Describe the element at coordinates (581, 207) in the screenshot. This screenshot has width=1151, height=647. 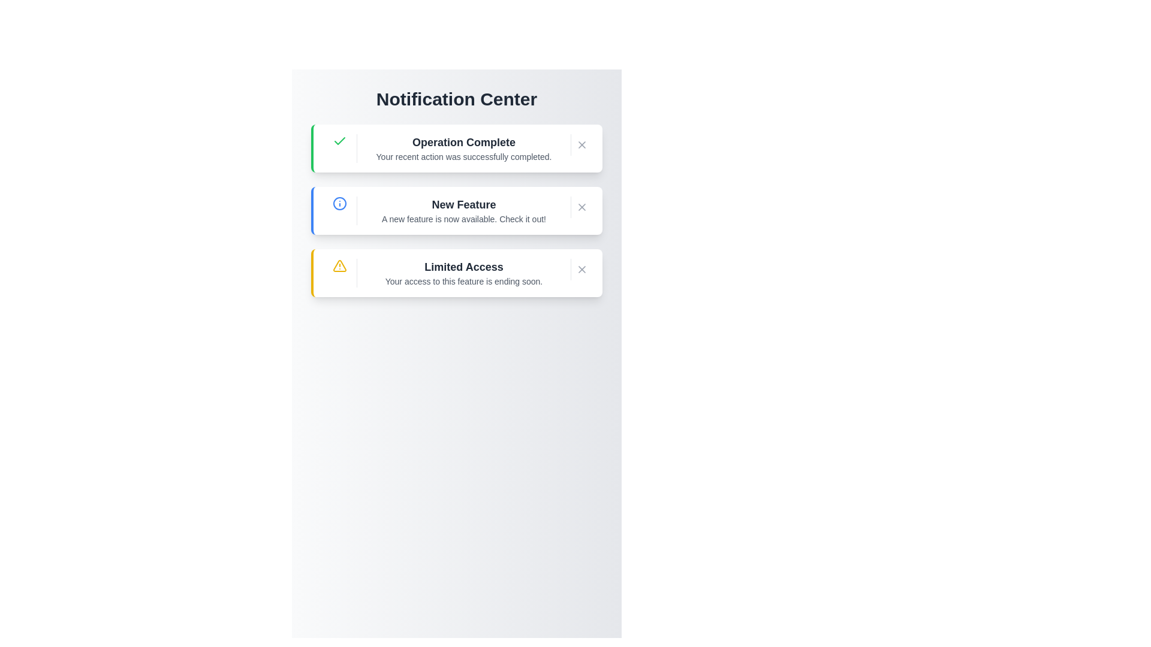
I see `the small 'X' icon button in the top-right corner of the 'New Feature' notification card` at that location.